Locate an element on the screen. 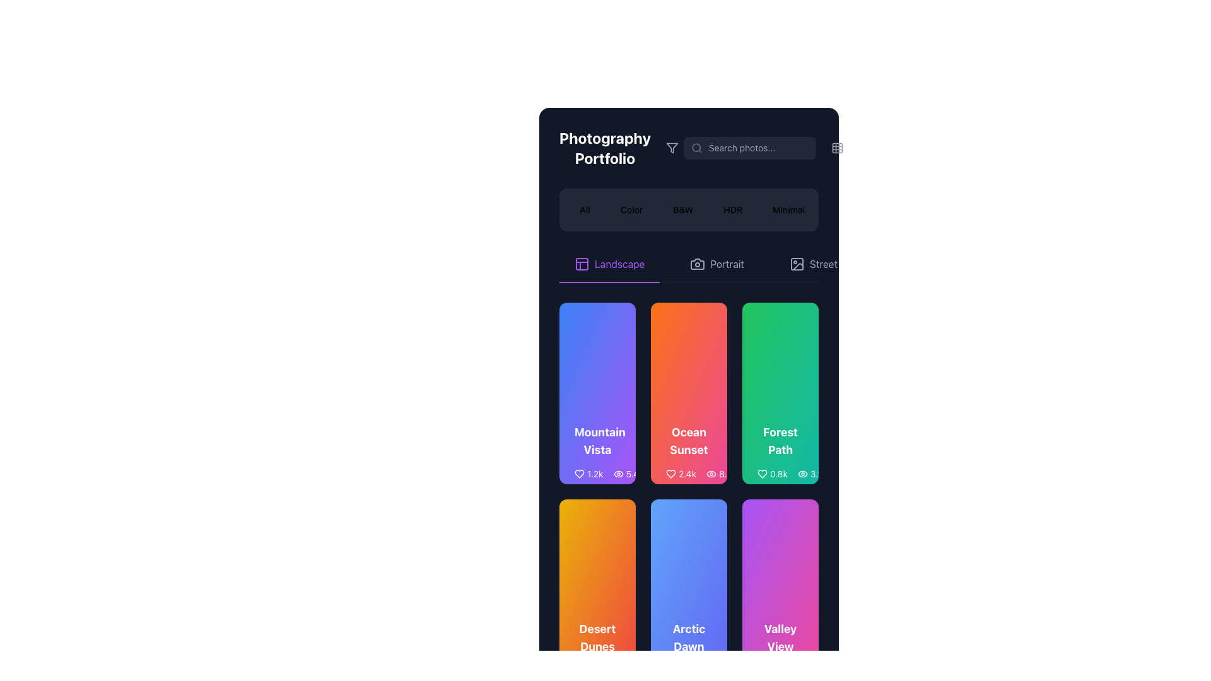 The image size is (1211, 681). the 'Landscape' icon located at the top middle section of the interface, which enhances user navigation and precedes the text 'Landscape' is located at coordinates (581, 264).